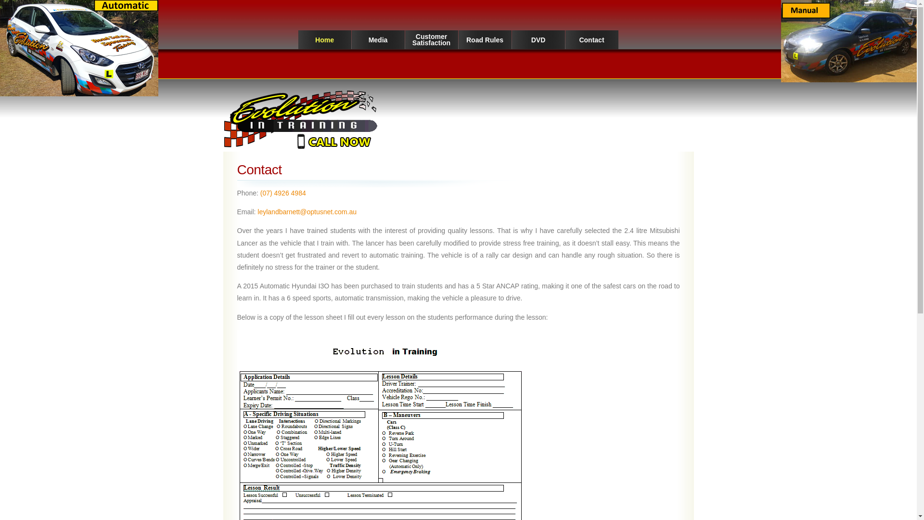 This screenshot has height=520, width=924. I want to click on 'leylandbarnett@optusnet.com.au', so click(307, 211).